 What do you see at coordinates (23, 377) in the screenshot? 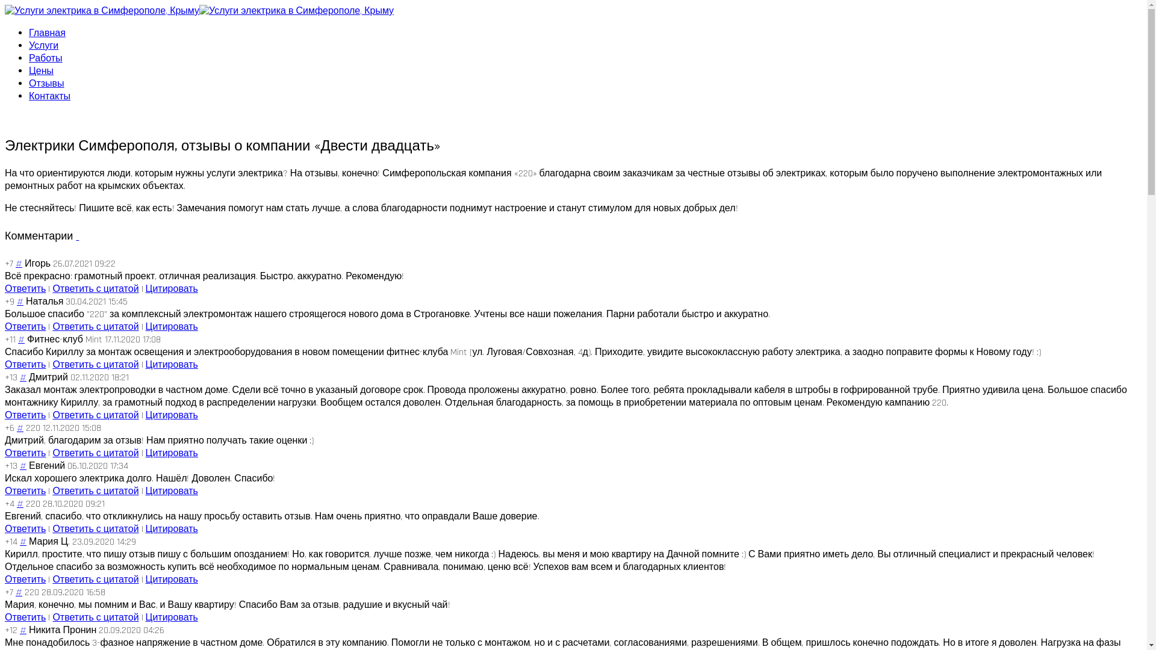
I see `'#'` at bounding box center [23, 377].